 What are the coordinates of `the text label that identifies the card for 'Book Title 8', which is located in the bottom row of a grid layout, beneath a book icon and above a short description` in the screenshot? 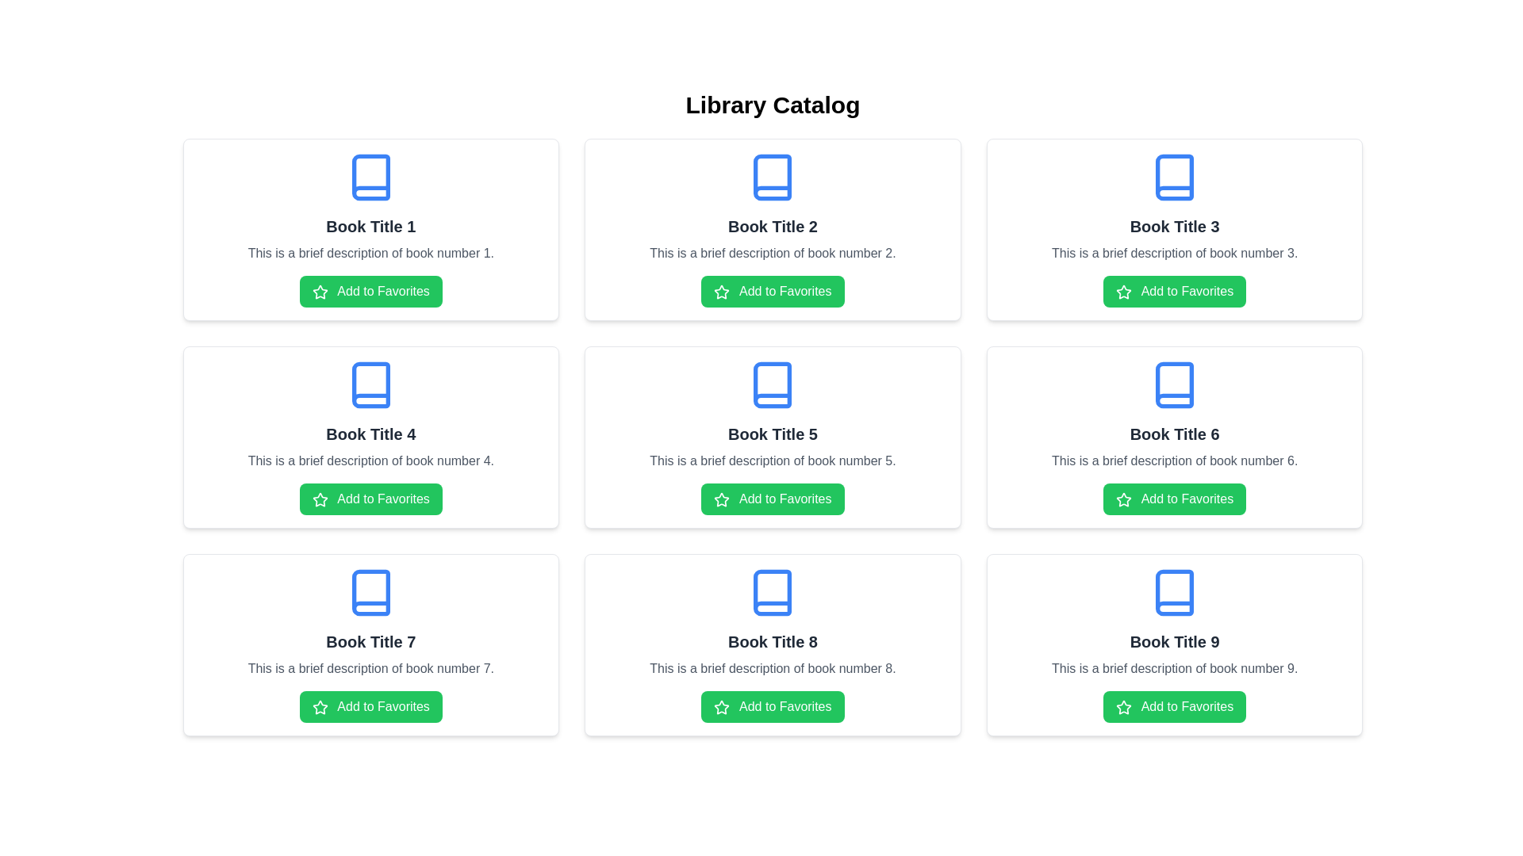 It's located at (773, 642).